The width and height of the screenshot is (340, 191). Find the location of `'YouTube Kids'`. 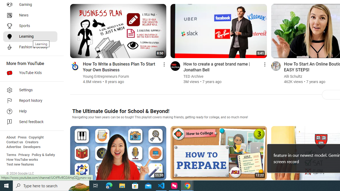

'YouTube Kids' is located at coordinates (30, 73).